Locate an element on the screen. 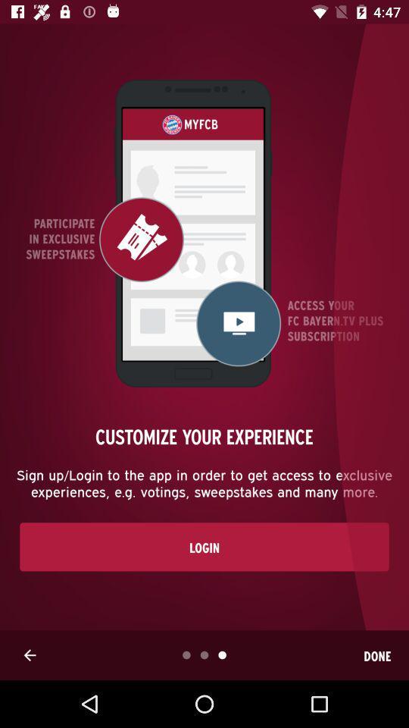  done icon is located at coordinates (376, 654).